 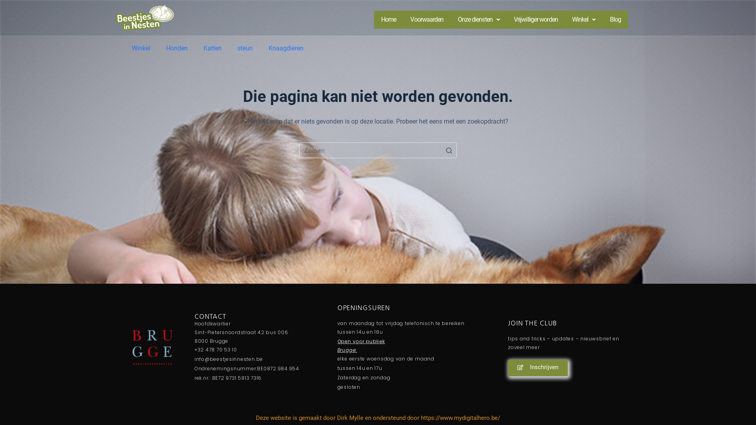 I want to click on 'Home', so click(x=389, y=19).